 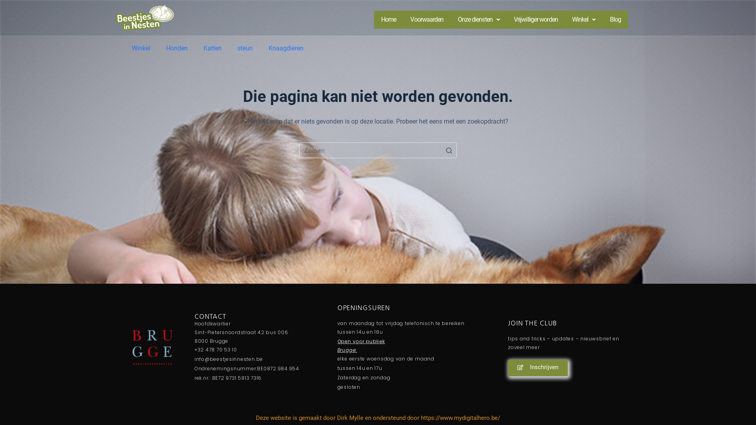 I want to click on 'Home', so click(x=389, y=19).